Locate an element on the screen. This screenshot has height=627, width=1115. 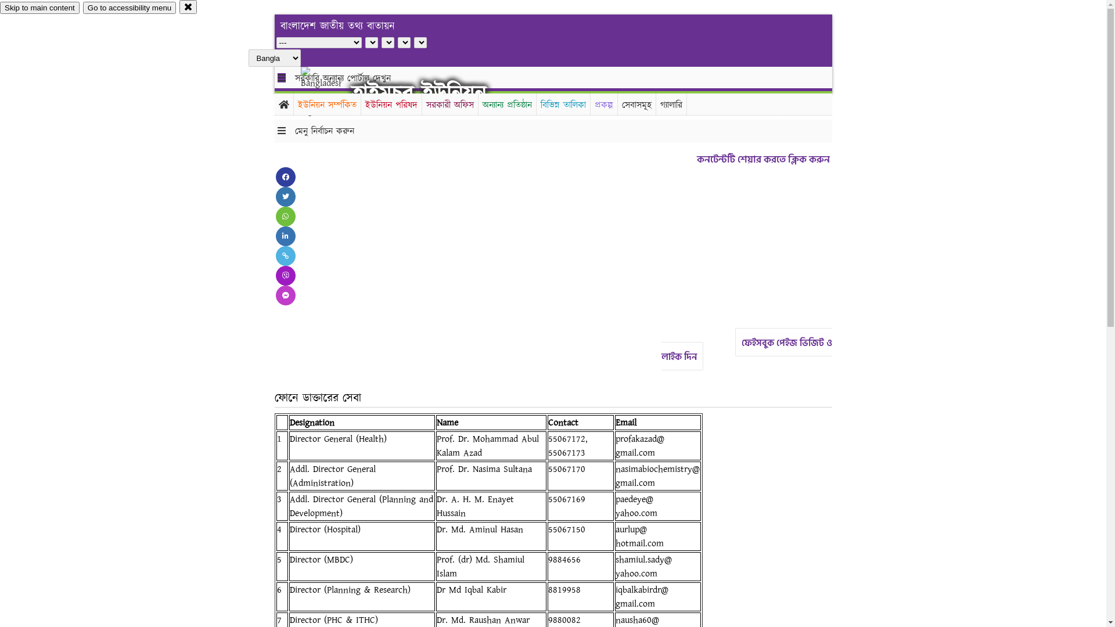
' is located at coordinates (301, 91).